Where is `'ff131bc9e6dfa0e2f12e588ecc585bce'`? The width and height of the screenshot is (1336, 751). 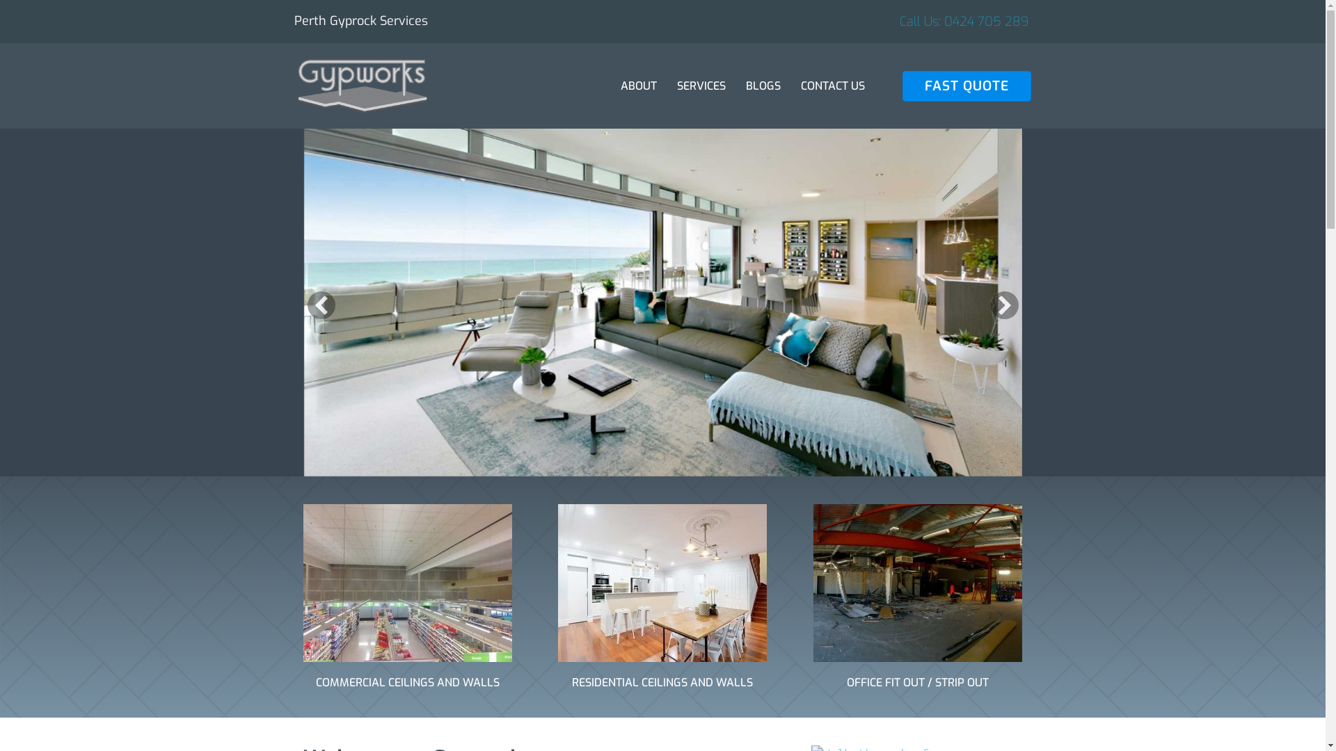
'ff131bc9e6dfa0e2f12e588ecc585bce' is located at coordinates (406, 583).